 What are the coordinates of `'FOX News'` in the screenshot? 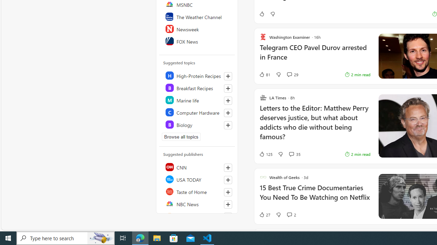 It's located at (197, 41).